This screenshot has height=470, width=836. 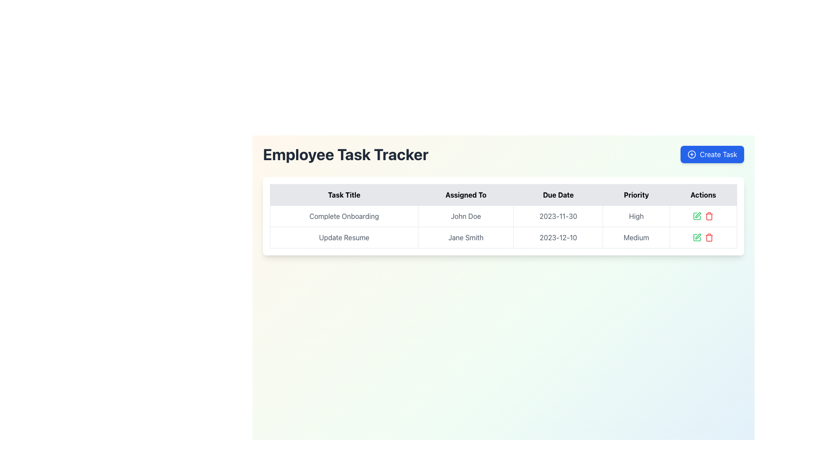 I want to click on the Table Header Cell indicating the priority of tasks in the column, which is the fourth cell from the left in the header row, so click(x=636, y=194).